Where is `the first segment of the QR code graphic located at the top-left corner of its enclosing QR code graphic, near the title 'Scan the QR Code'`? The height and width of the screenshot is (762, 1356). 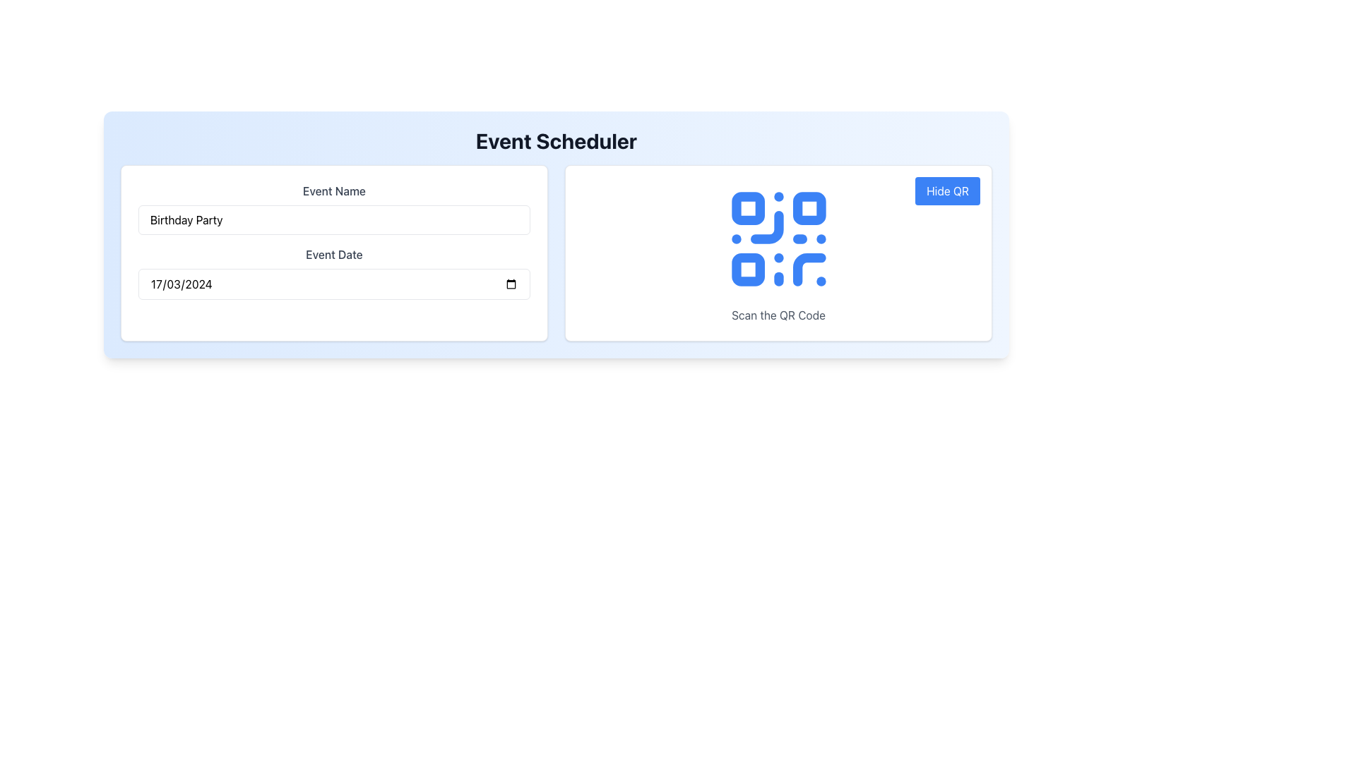
the first segment of the QR code graphic located at the top-left corner of its enclosing QR code graphic, near the title 'Scan the QR Code' is located at coordinates (747, 208).